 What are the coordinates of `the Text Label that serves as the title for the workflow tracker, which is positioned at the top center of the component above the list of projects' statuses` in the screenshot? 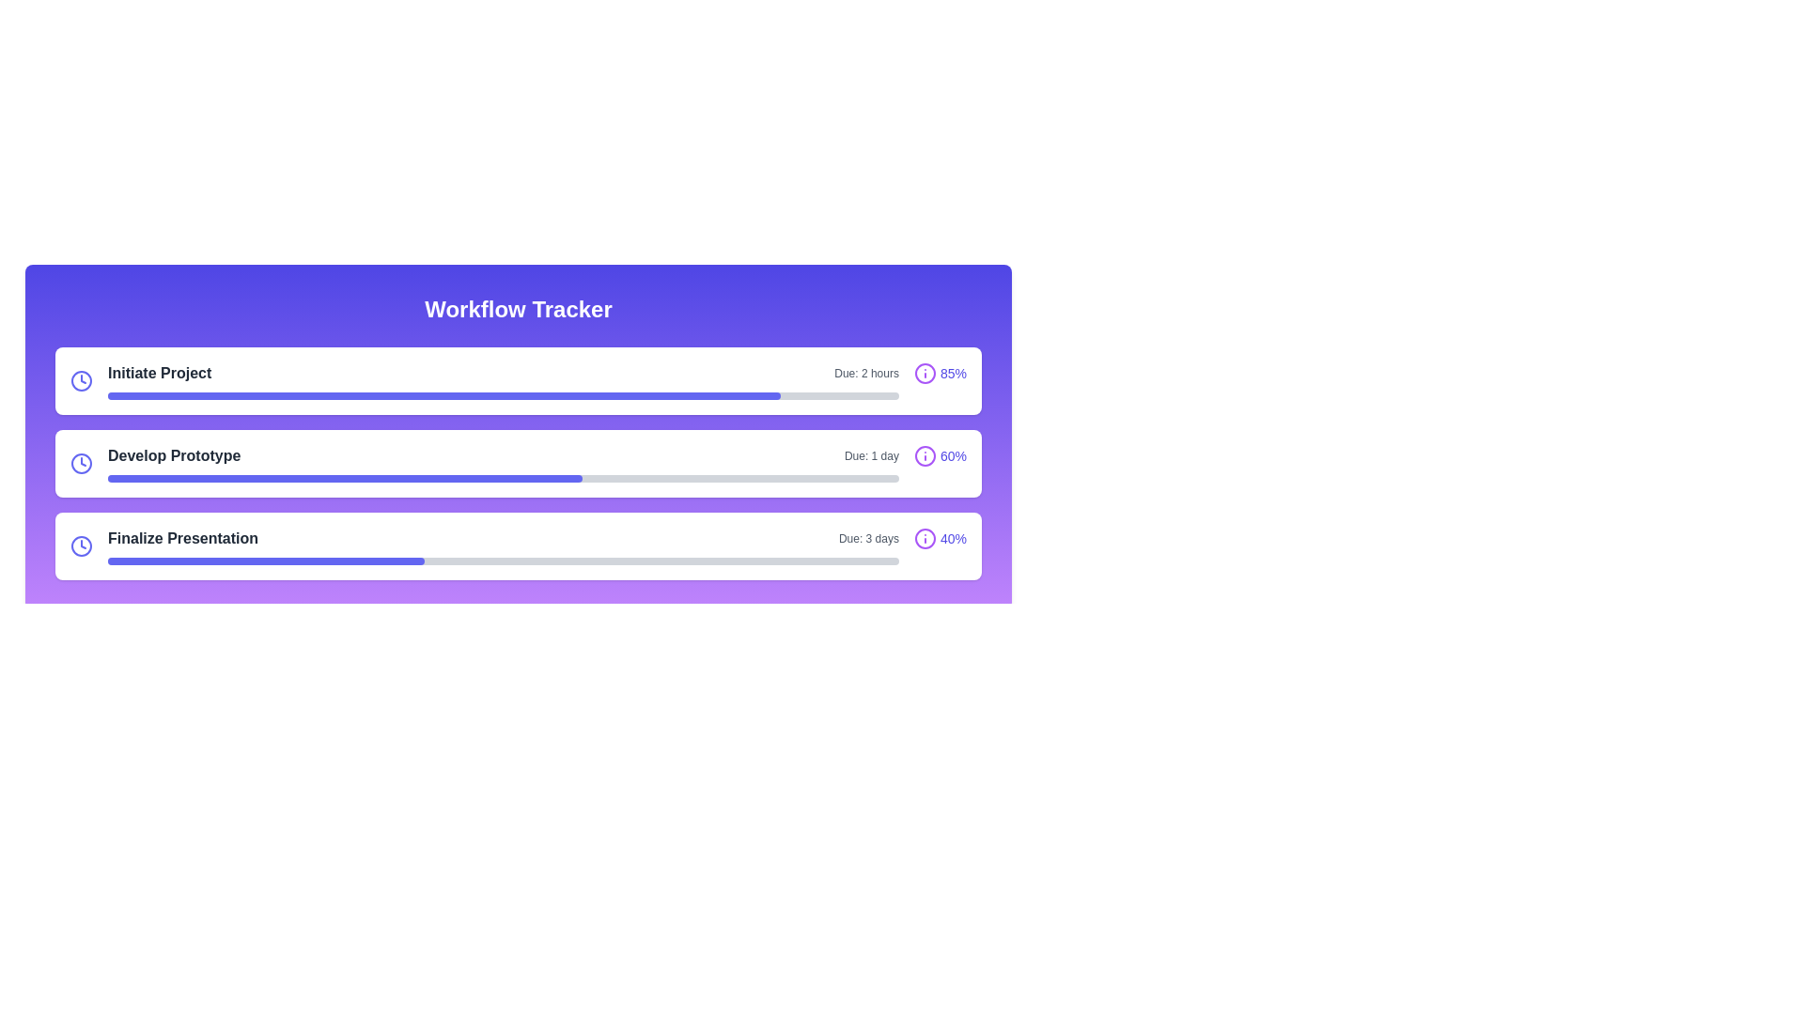 It's located at (519, 309).